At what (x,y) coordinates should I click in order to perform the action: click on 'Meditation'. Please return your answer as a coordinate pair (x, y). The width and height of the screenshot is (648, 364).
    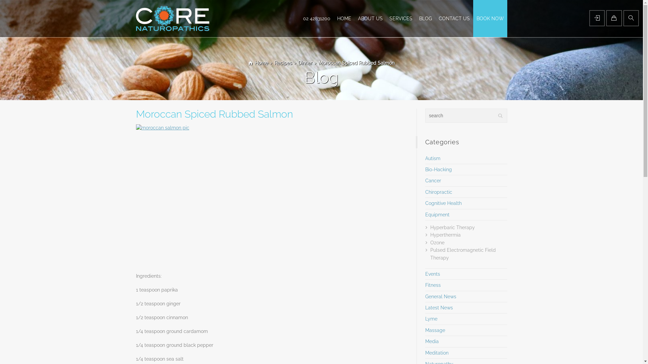
    Looking at the image, I should click on (437, 352).